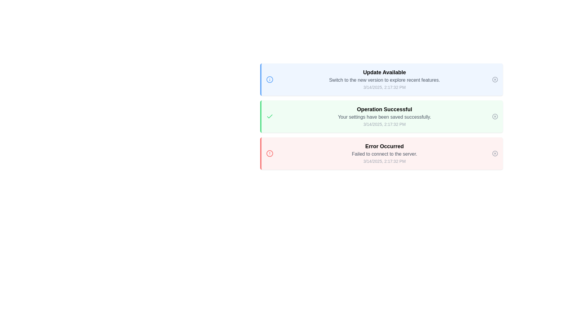  I want to click on the Text Label that signifies the timestamp of the operation, located below the confirmation message 'Your settings have been saved successfully.', so click(384, 124).